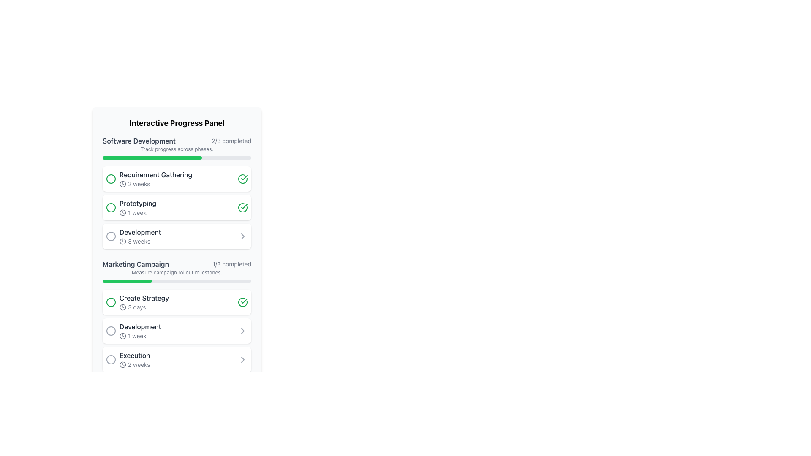 Image resolution: width=811 pixels, height=456 pixels. Describe the element at coordinates (122, 364) in the screenshot. I see `properties of the central circular SVG element of the clock icon located in the 'Marketing Campaign' section, adjacent to the '3 days' duration for the 'Create Strategy' milestone` at that location.